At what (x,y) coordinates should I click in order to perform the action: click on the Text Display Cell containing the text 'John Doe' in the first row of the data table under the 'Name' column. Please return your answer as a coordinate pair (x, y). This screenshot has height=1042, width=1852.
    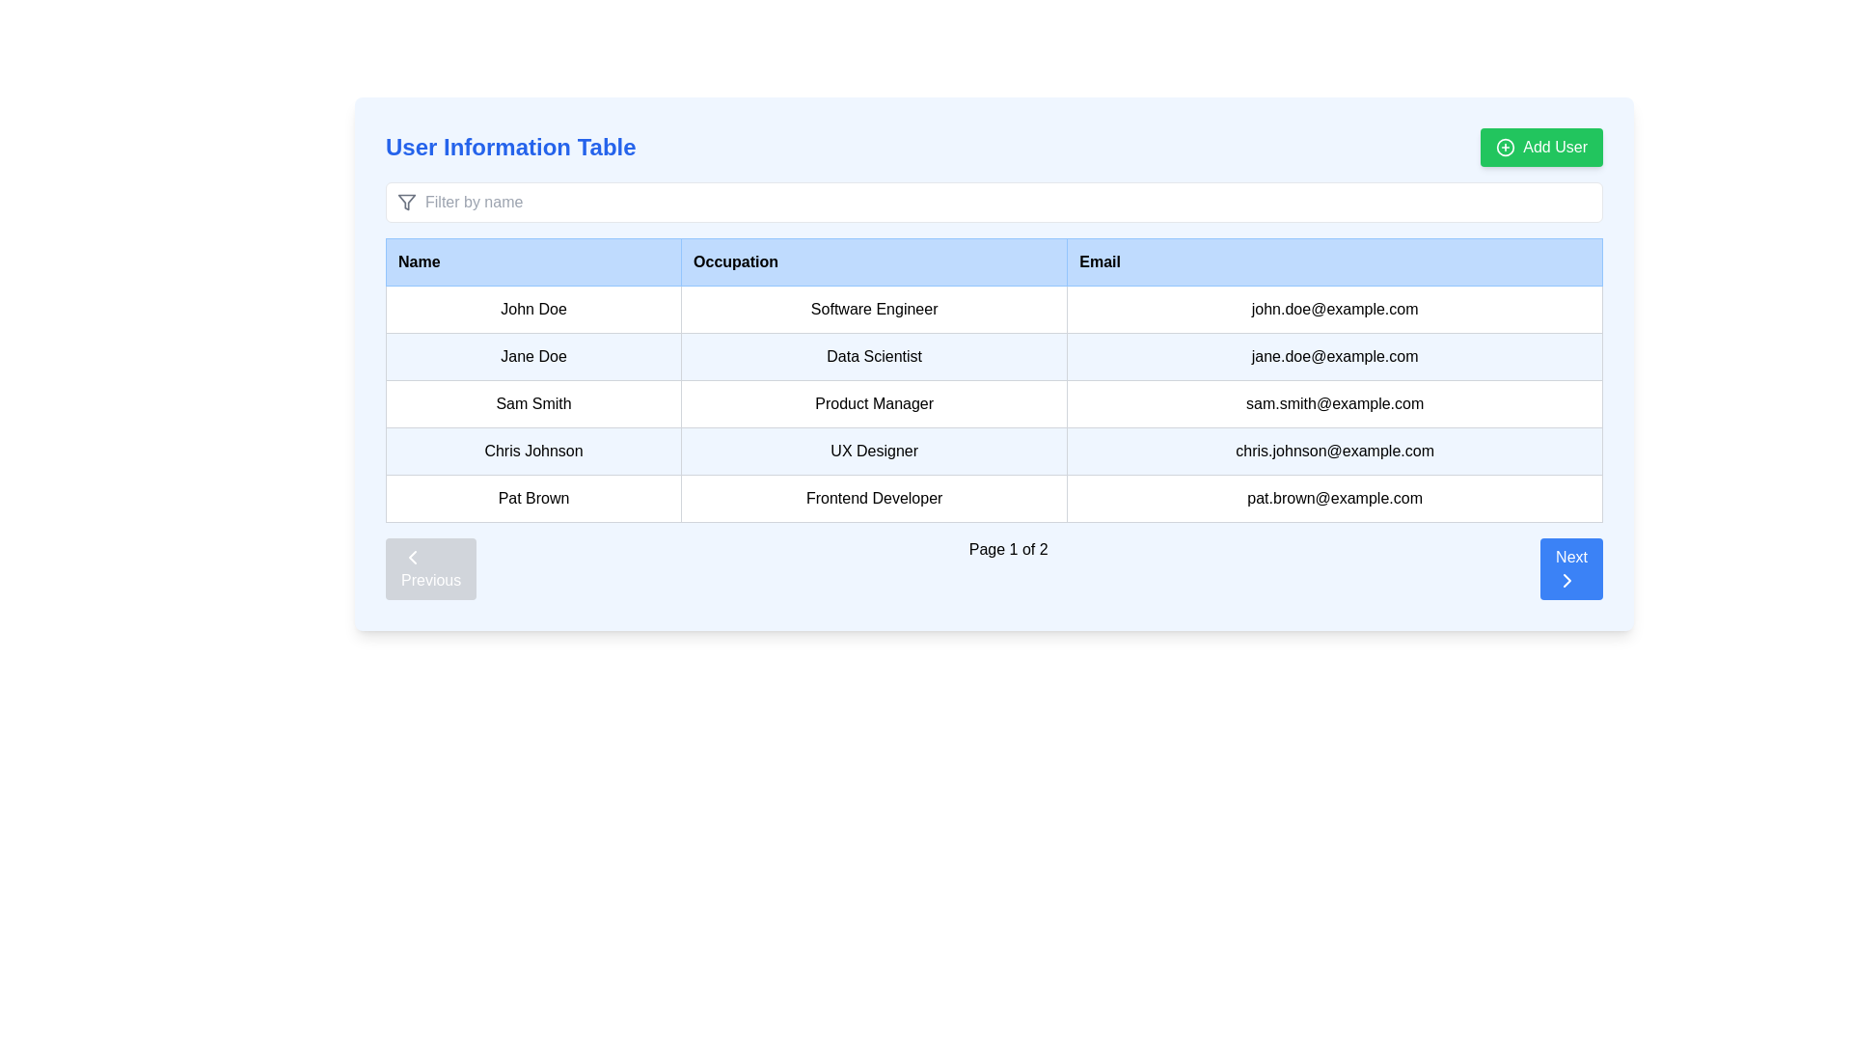
    Looking at the image, I should click on (533, 308).